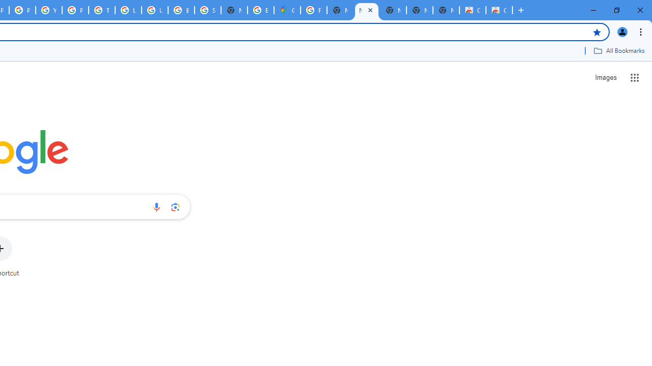  Describe the element at coordinates (621, 31) in the screenshot. I see `'You'` at that location.